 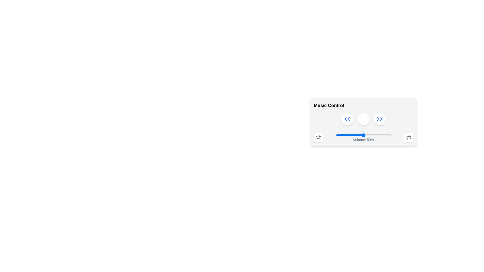 I want to click on the rewind icon button, so click(x=347, y=119).